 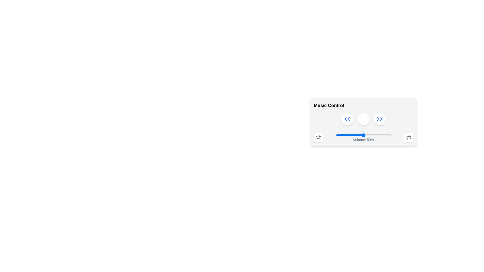 I want to click on the rewind icon button, so click(x=347, y=119).